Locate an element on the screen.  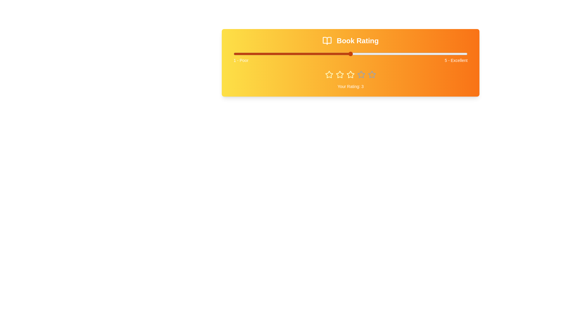
the first star icon with a yellow outline and filled color in the 'Your Rating' section is located at coordinates (329, 74).